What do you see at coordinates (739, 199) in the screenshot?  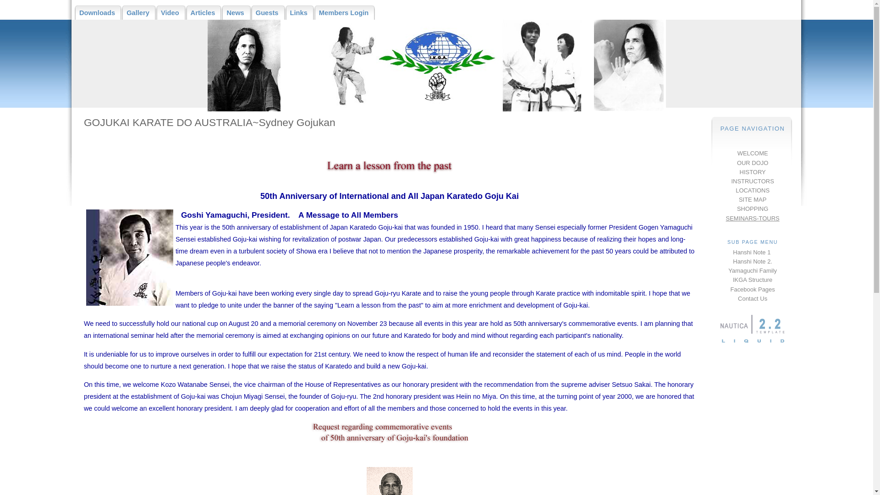 I see `'SITE MAP'` at bounding box center [739, 199].